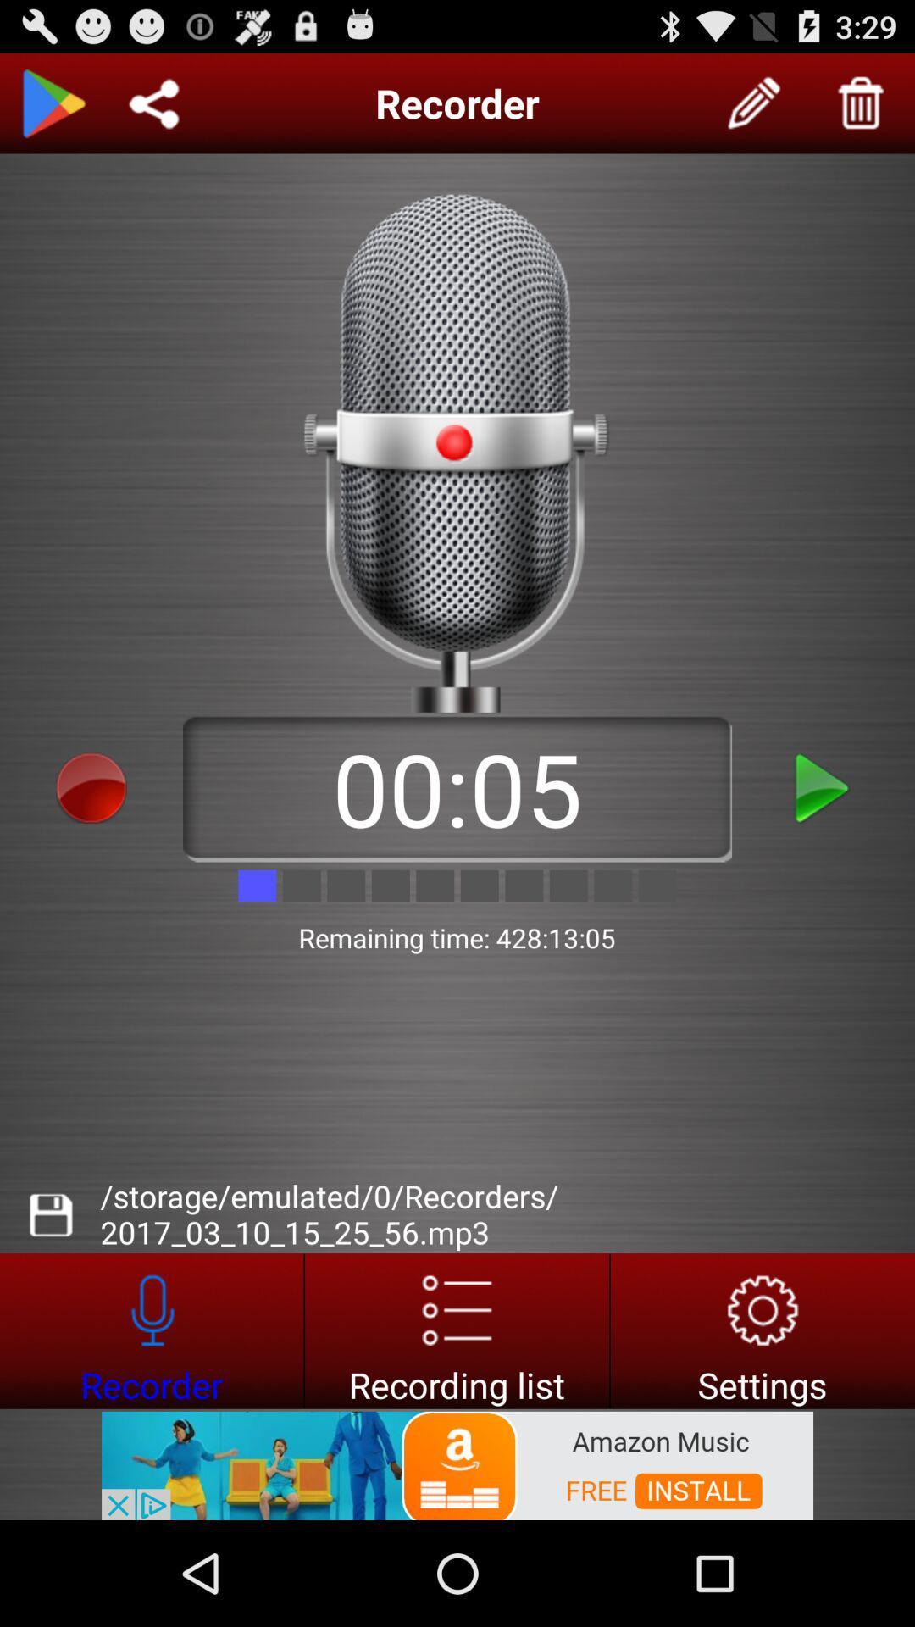  What do you see at coordinates (153, 109) in the screenshot?
I see `the share icon` at bounding box center [153, 109].